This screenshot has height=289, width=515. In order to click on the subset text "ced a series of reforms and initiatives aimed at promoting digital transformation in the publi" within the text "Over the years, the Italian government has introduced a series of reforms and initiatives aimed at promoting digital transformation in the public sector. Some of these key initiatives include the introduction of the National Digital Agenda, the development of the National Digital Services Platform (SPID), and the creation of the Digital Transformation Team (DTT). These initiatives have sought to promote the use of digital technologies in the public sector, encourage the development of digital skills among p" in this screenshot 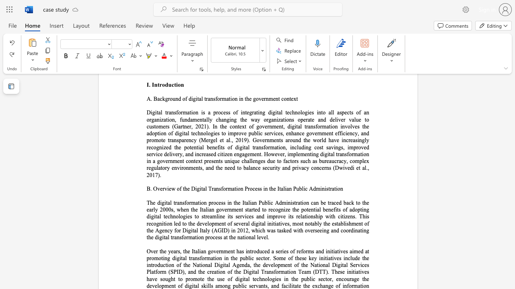, I will do `click(262, 251)`.